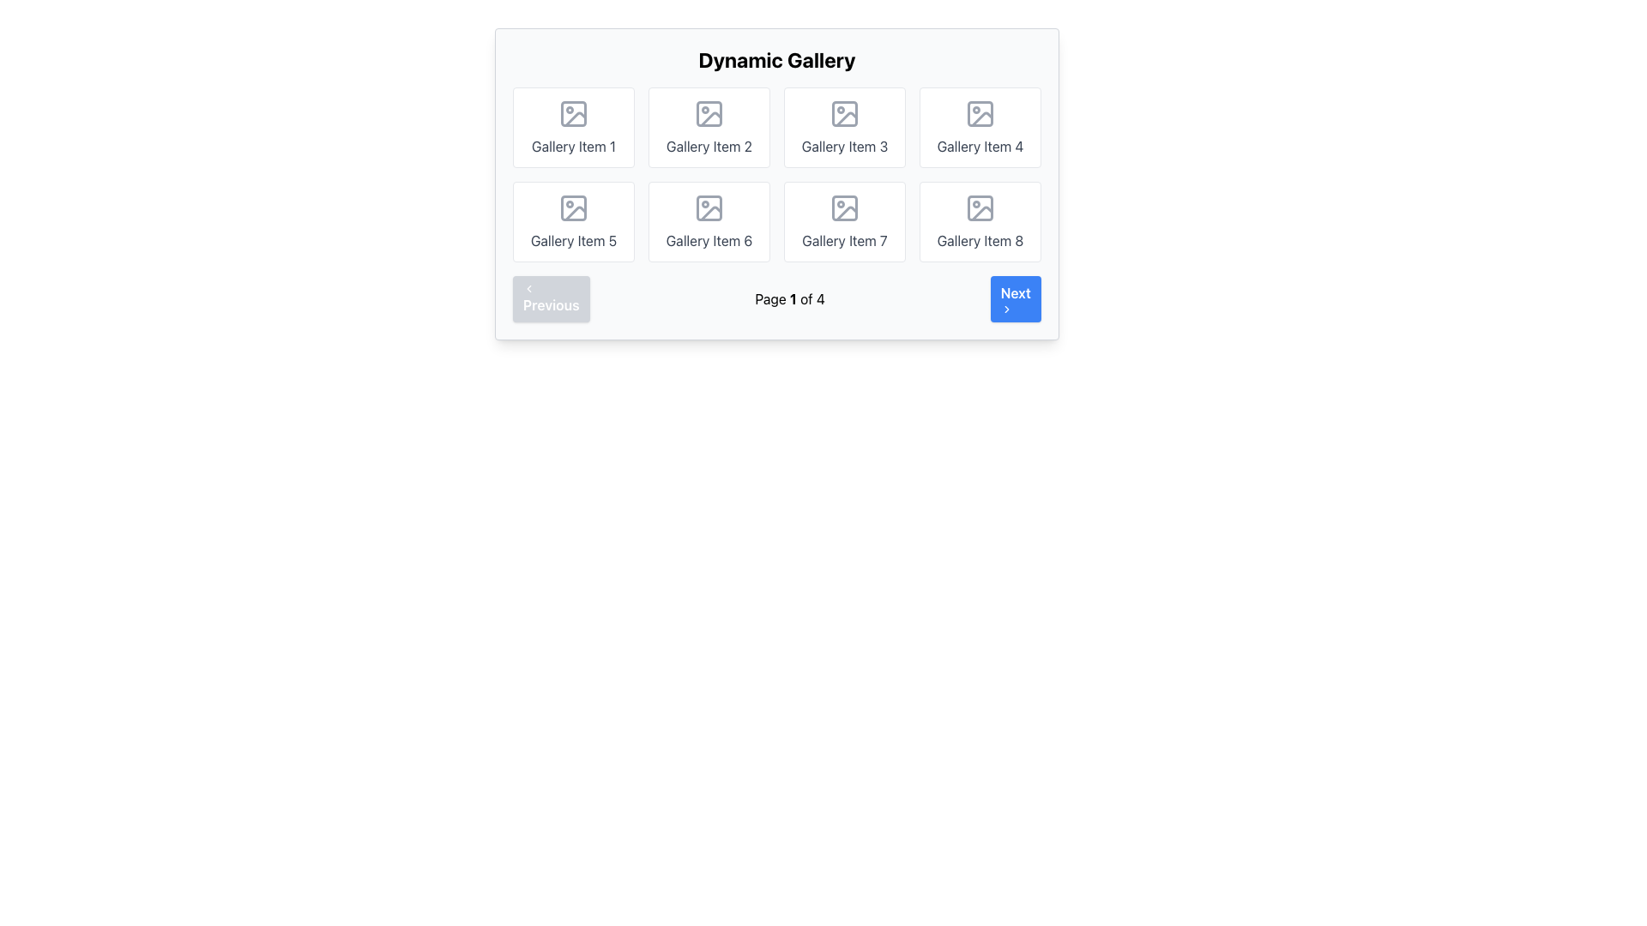 The width and height of the screenshot is (1647, 926). Describe the element at coordinates (573, 113) in the screenshot. I see `the icon that resembles an image with a mountain-like line and a circle, located centrally in the 'Gallery Item 1' card` at that location.